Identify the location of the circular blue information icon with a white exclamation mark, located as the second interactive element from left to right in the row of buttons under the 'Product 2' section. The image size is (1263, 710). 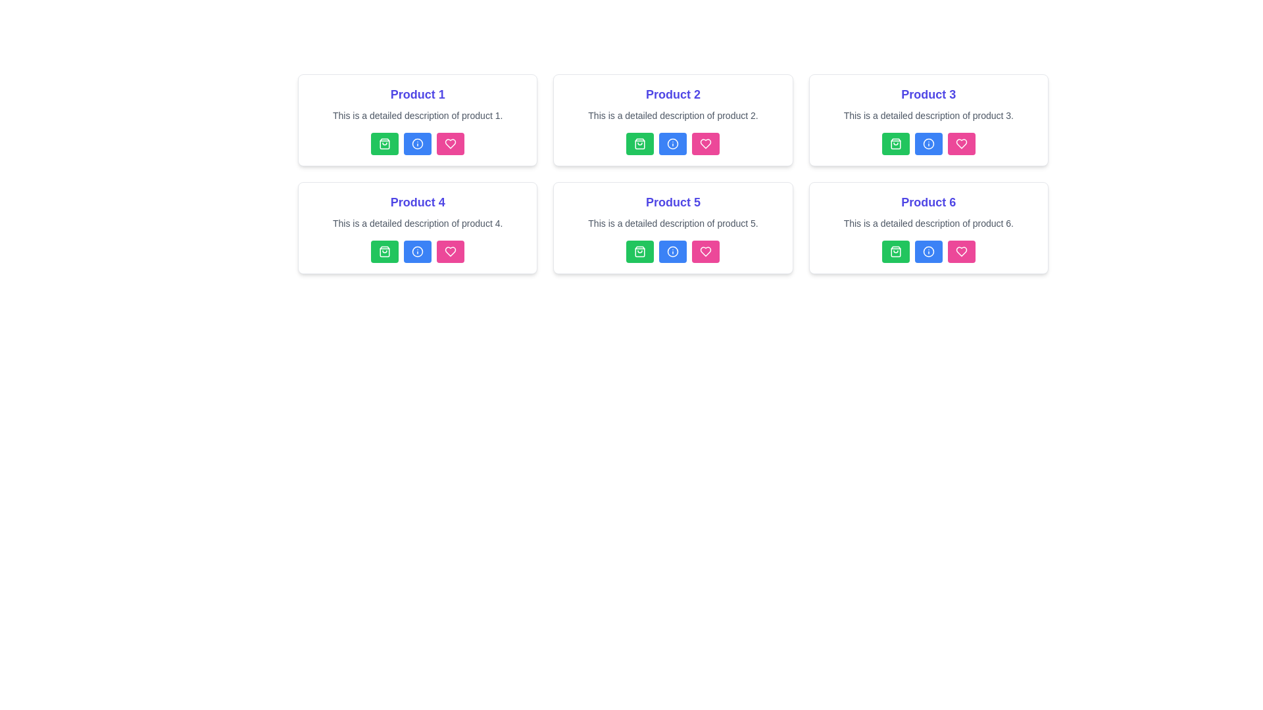
(673, 144).